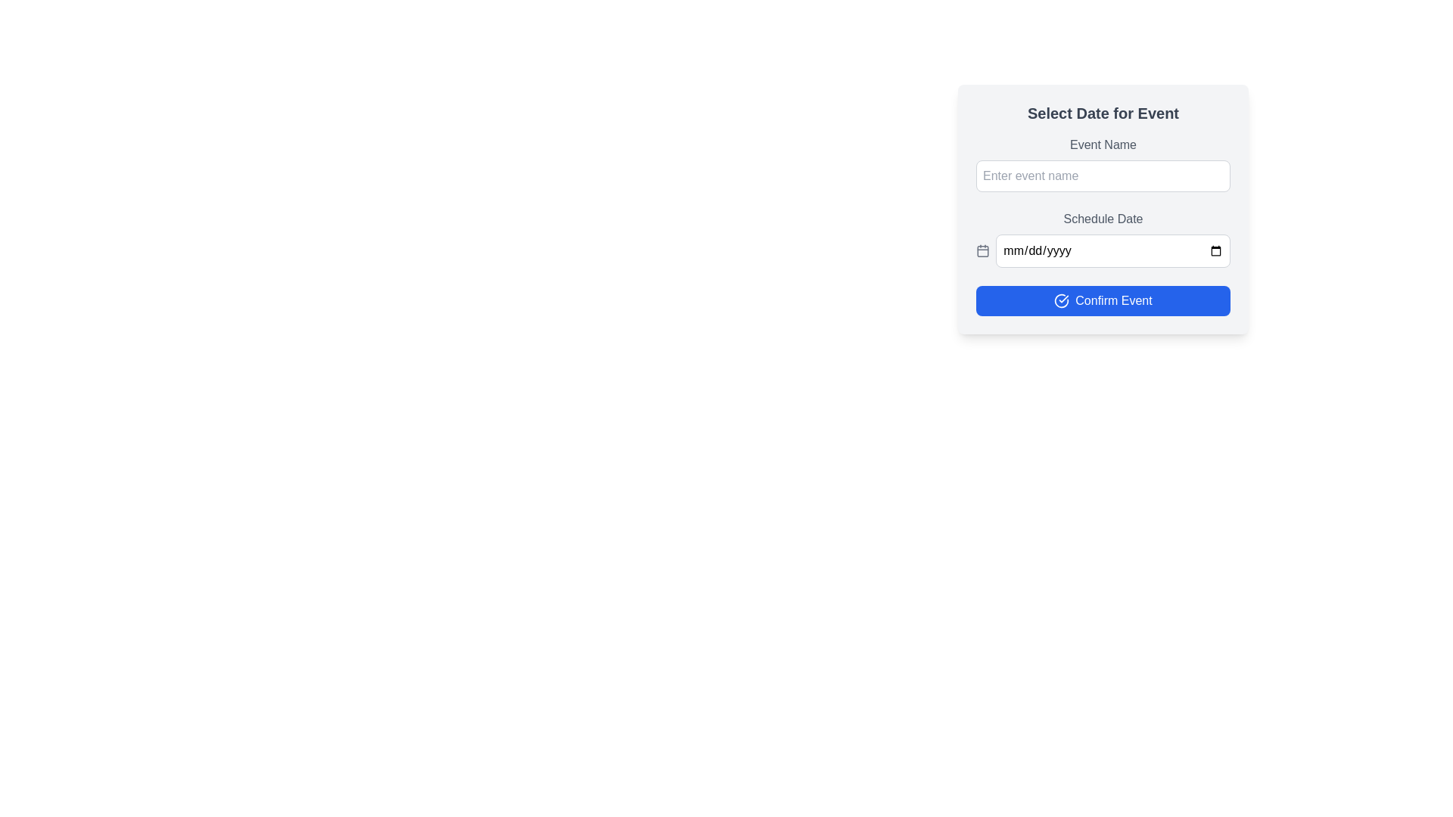  Describe the element at coordinates (1061, 300) in the screenshot. I see `the confirmation icon located on the left side of the 'Confirm Event' button, which symbolizes confirmation and is positioned before the text 'Confirm Event'` at that location.